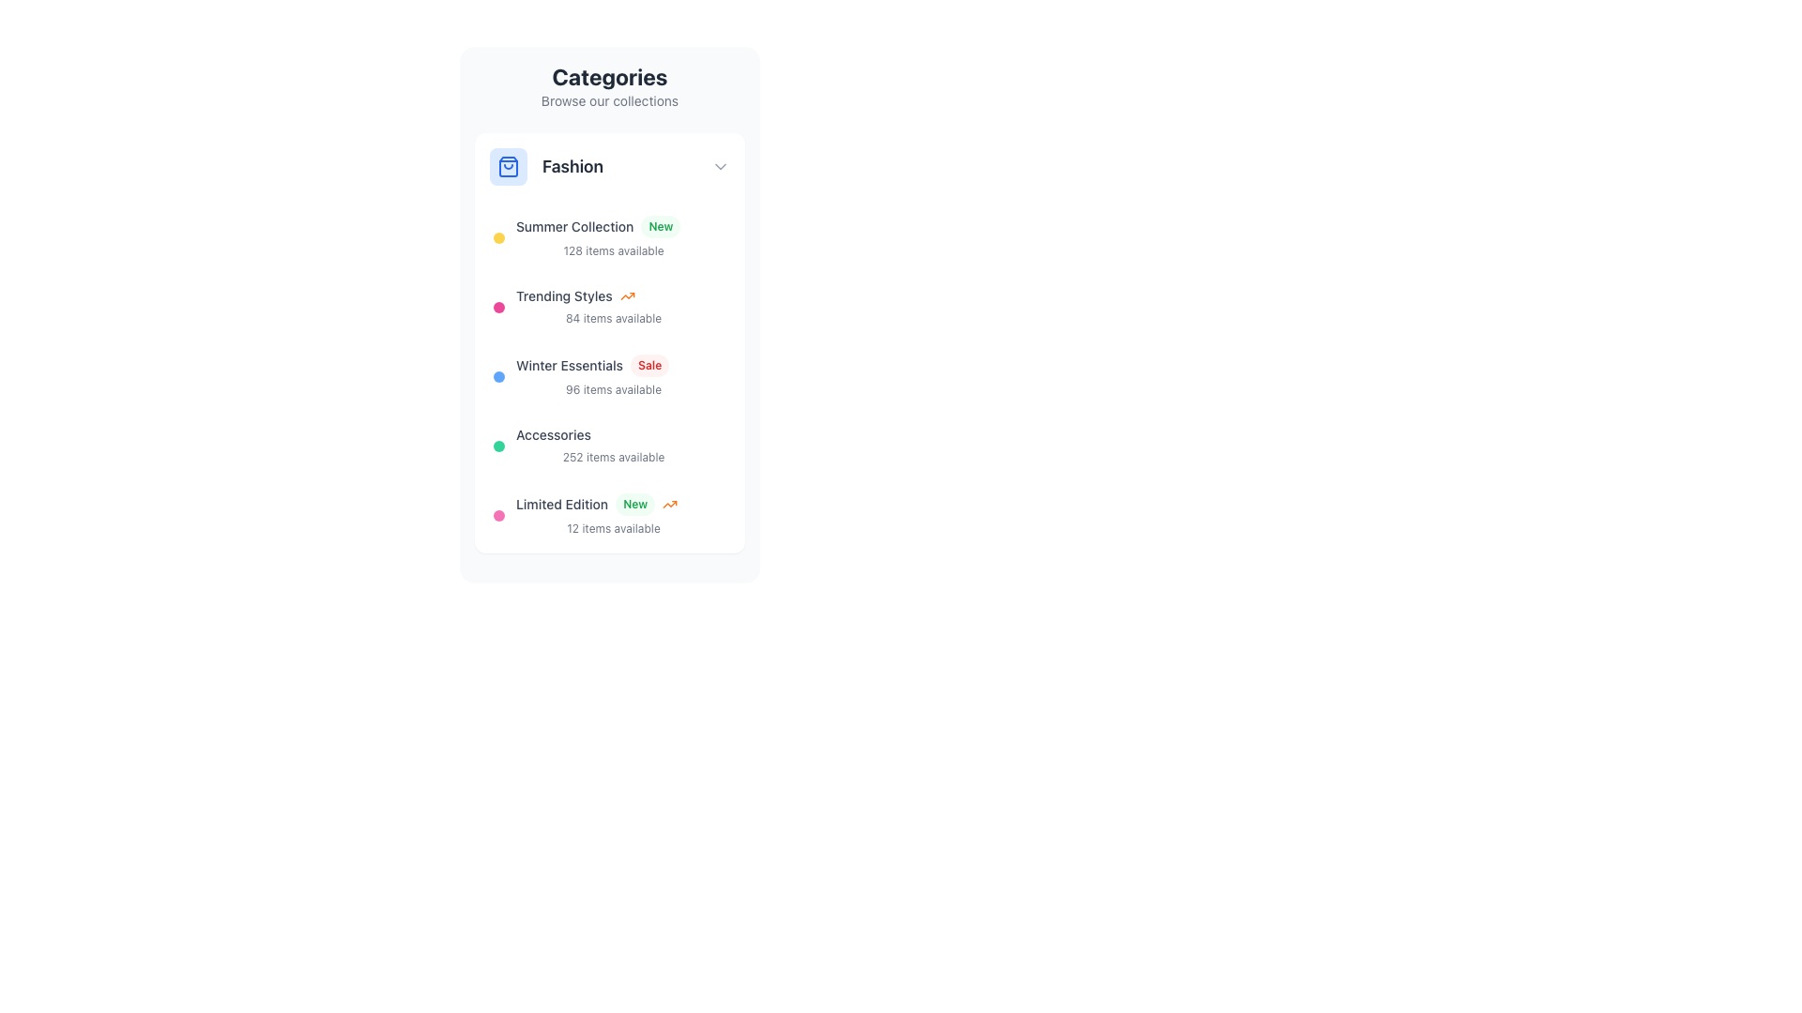 Image resolution: width=1802 pixels, height=1013 pixels. What do you see at coordinates (613, 528) in the screenshot?
I see `the text label displaying the number of items available in the 'Limited Edition' category, located directly below the 'Limited Edition' text and alongside the 'New' badge and trending icon` at bounding box center [613, 528].